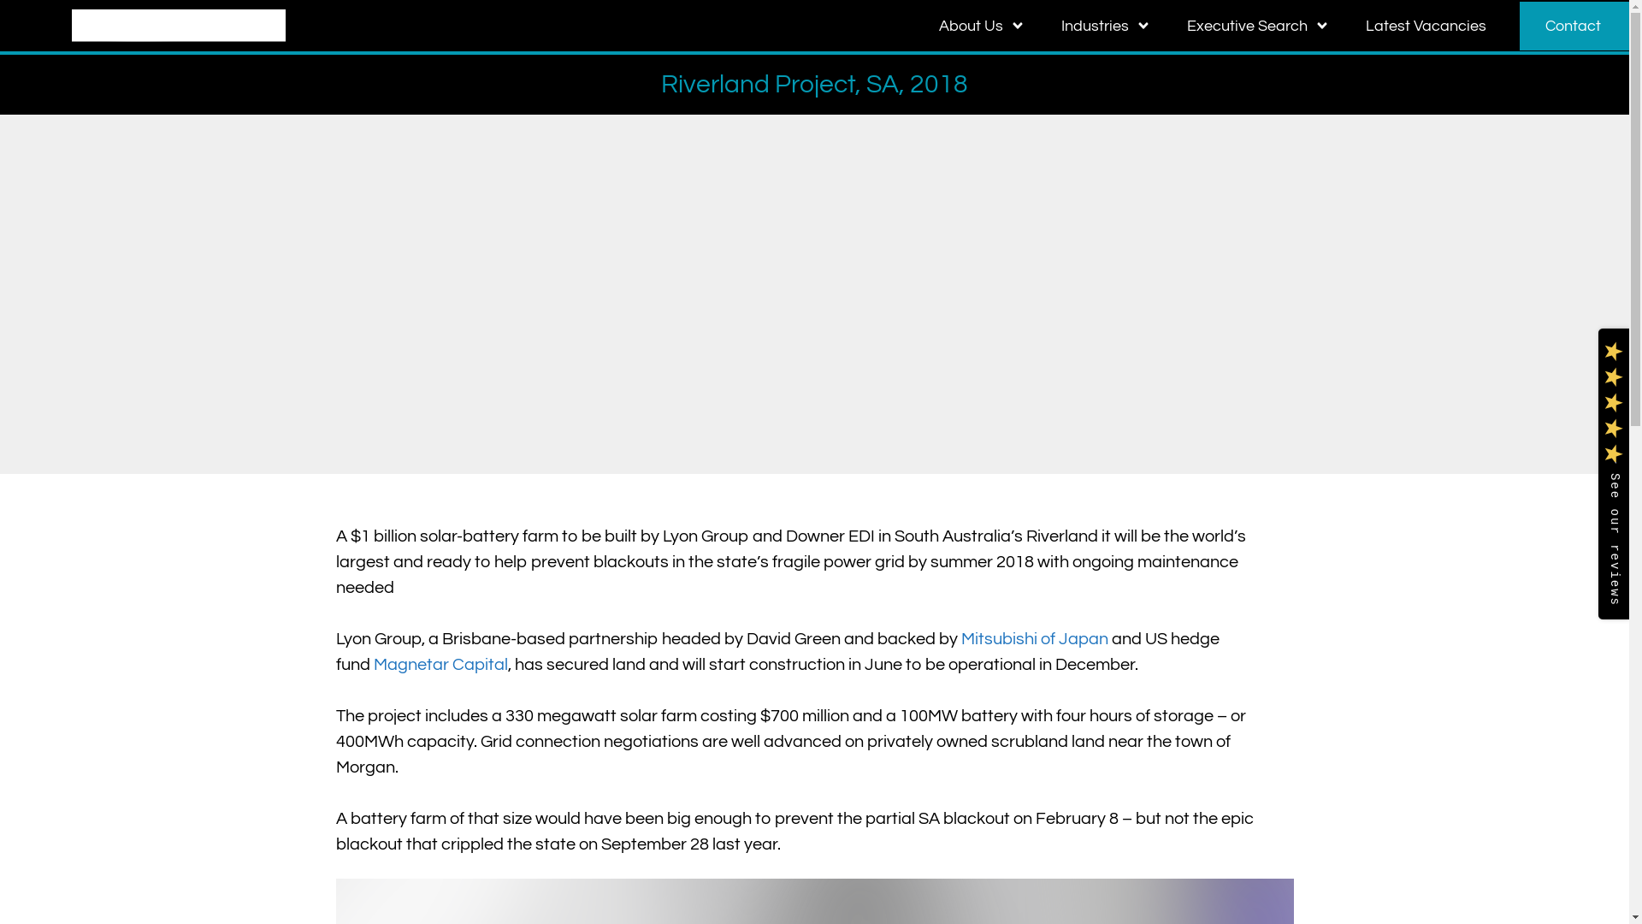  Describe the element at coordinates (1574, 25) in the screenshot. I see `'Contact'` at that location.